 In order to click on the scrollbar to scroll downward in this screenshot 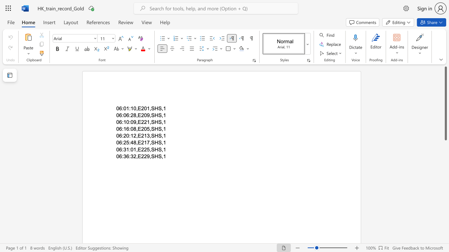, I will do `click(445, 237)`.